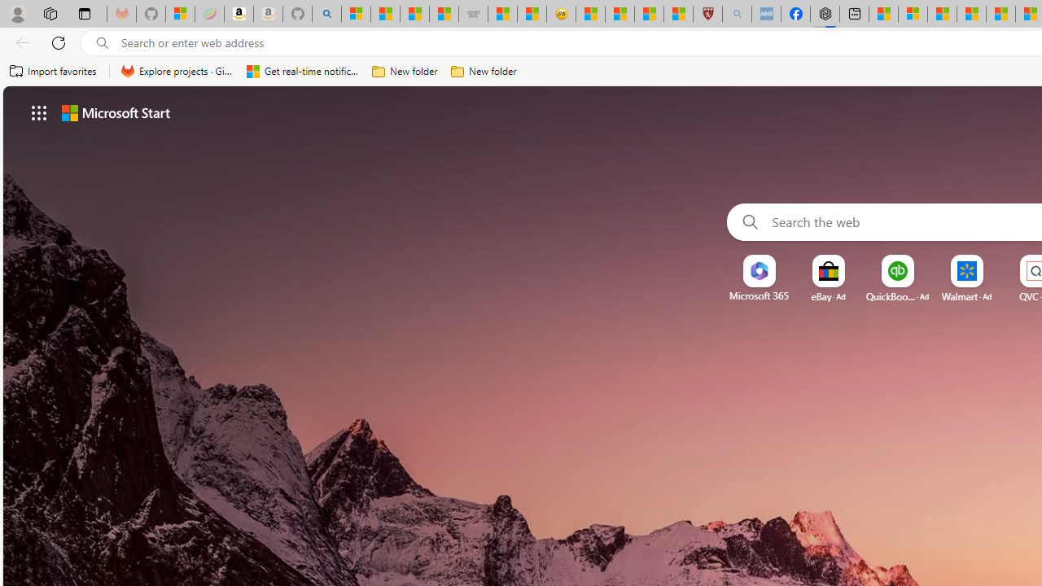 This screenshot has width=1042, height=586. I want to click on '12 Popular Science Lies that Must be Corrected', so click(678, 14).